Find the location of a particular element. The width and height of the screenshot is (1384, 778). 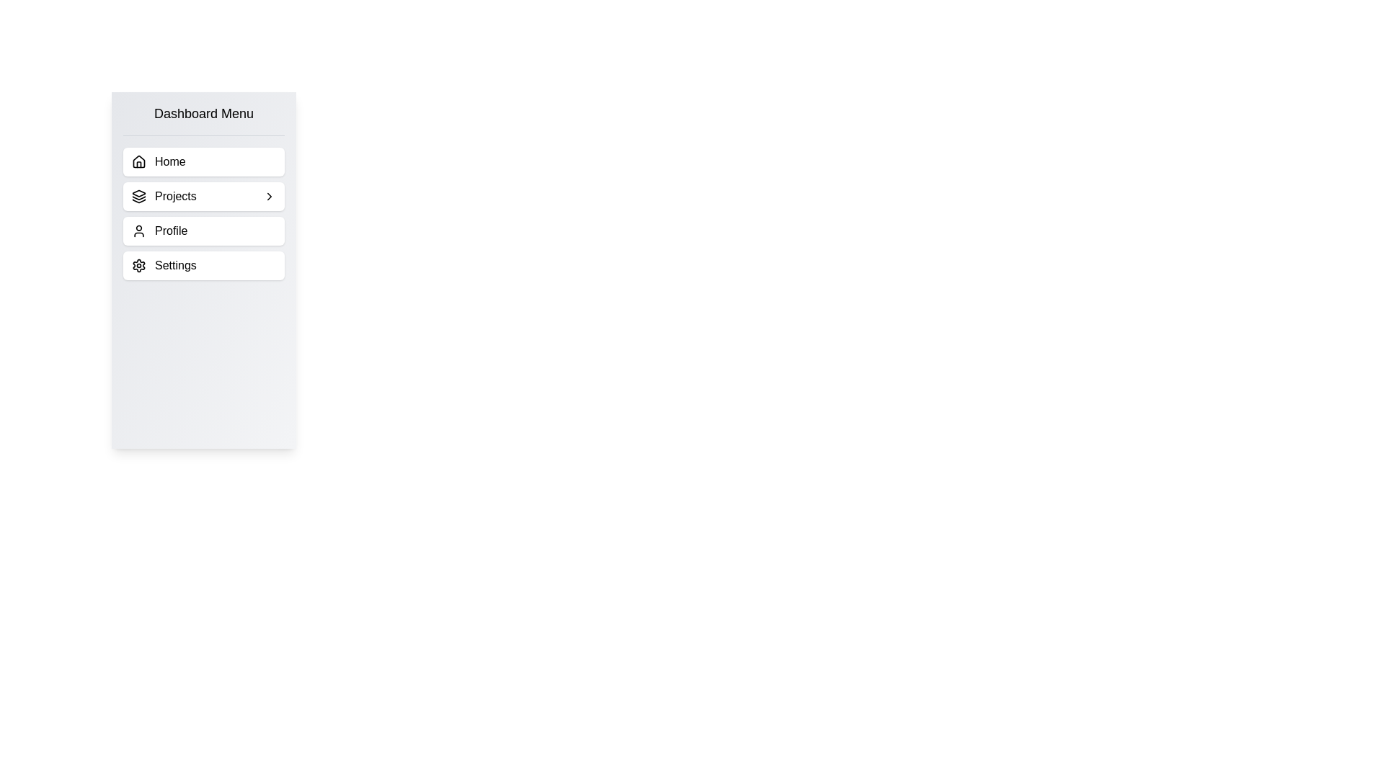

the cogwheel icon in the Settings section of the vertical navigation menu is located at coordinates (138, 266).